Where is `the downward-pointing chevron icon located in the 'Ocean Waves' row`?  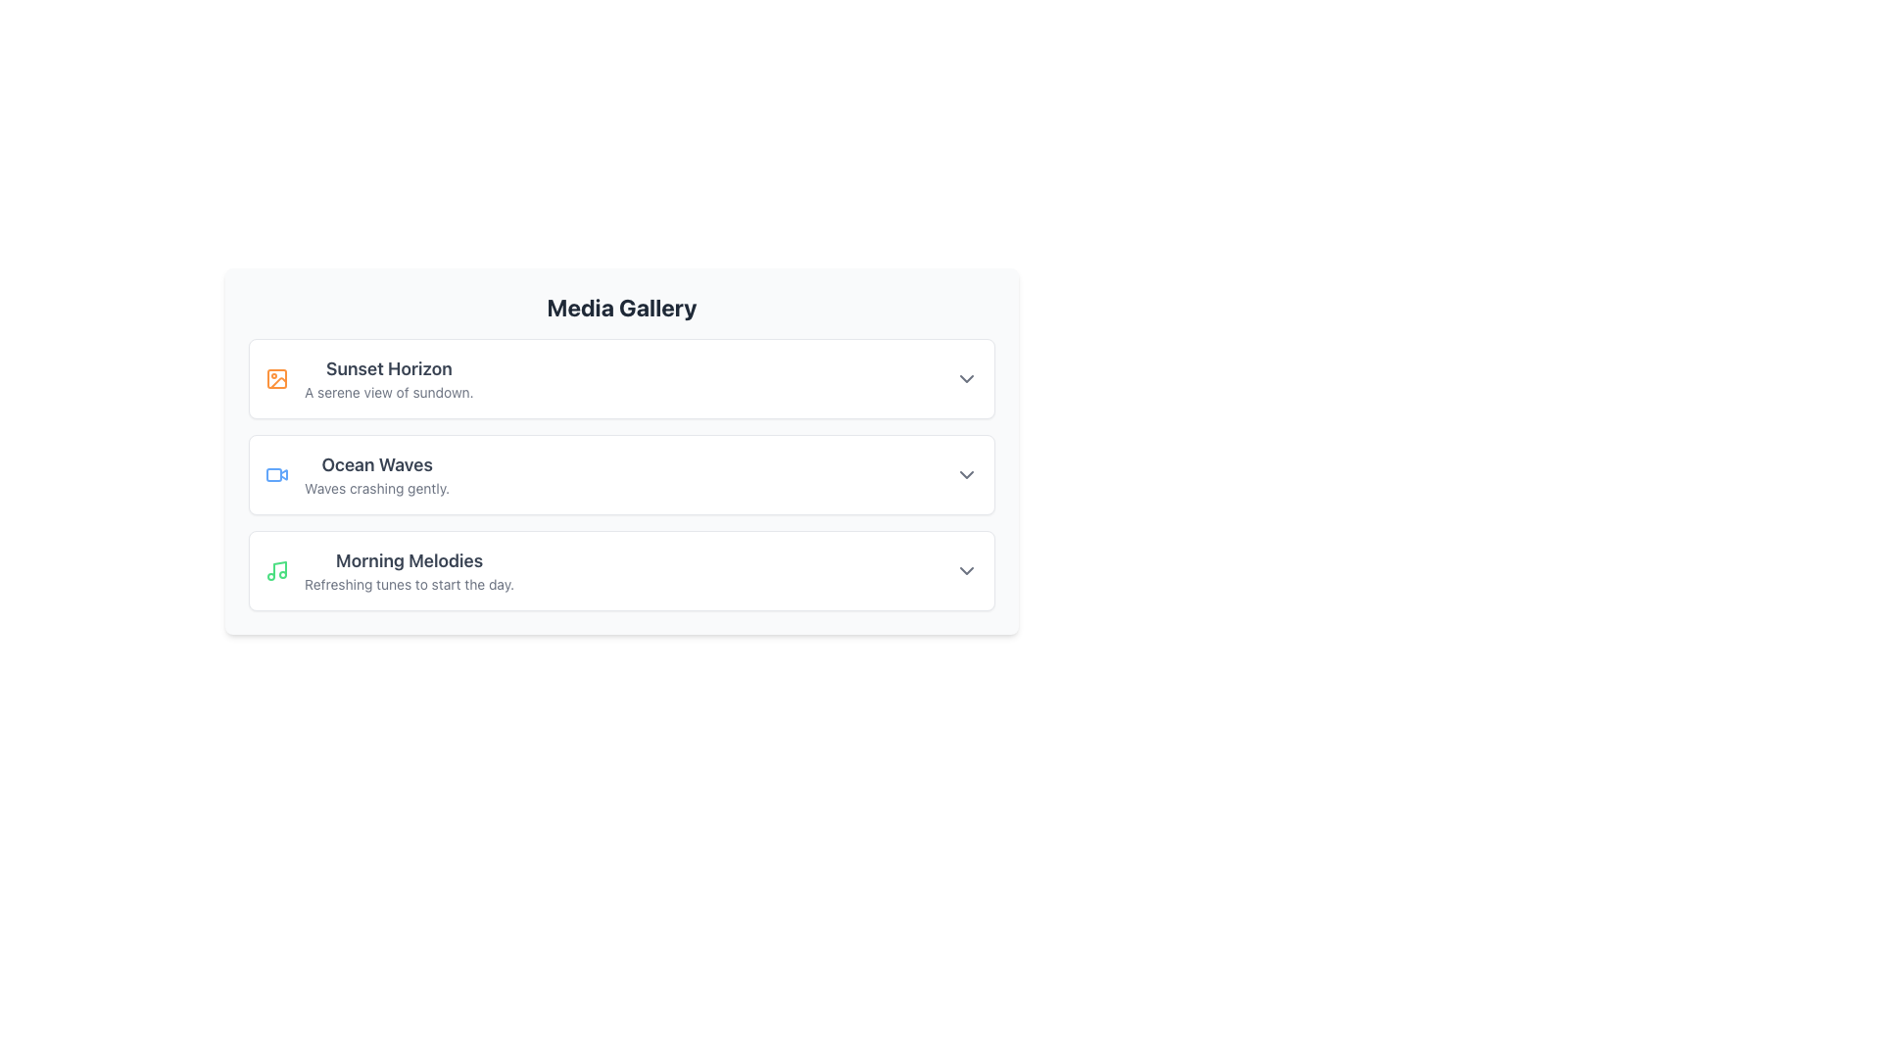
the downward-pointing chevron icon located in the 'Ocean Waves' row is located at coordinates (967, 475).